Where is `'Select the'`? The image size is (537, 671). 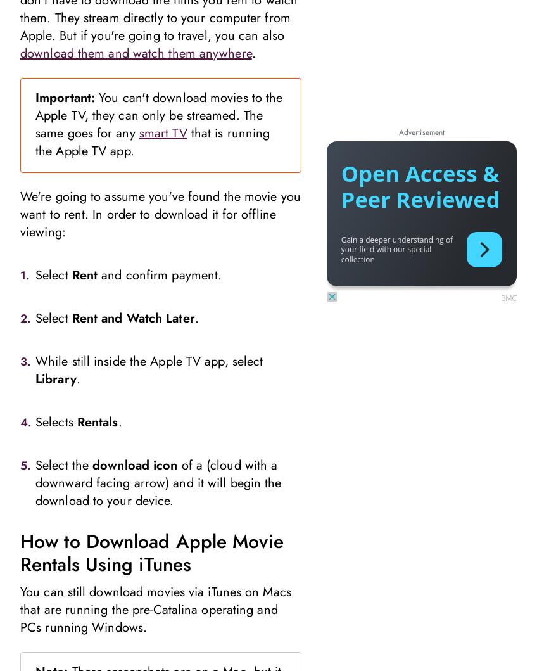
'Select the' is located at coordinates (63, 464).